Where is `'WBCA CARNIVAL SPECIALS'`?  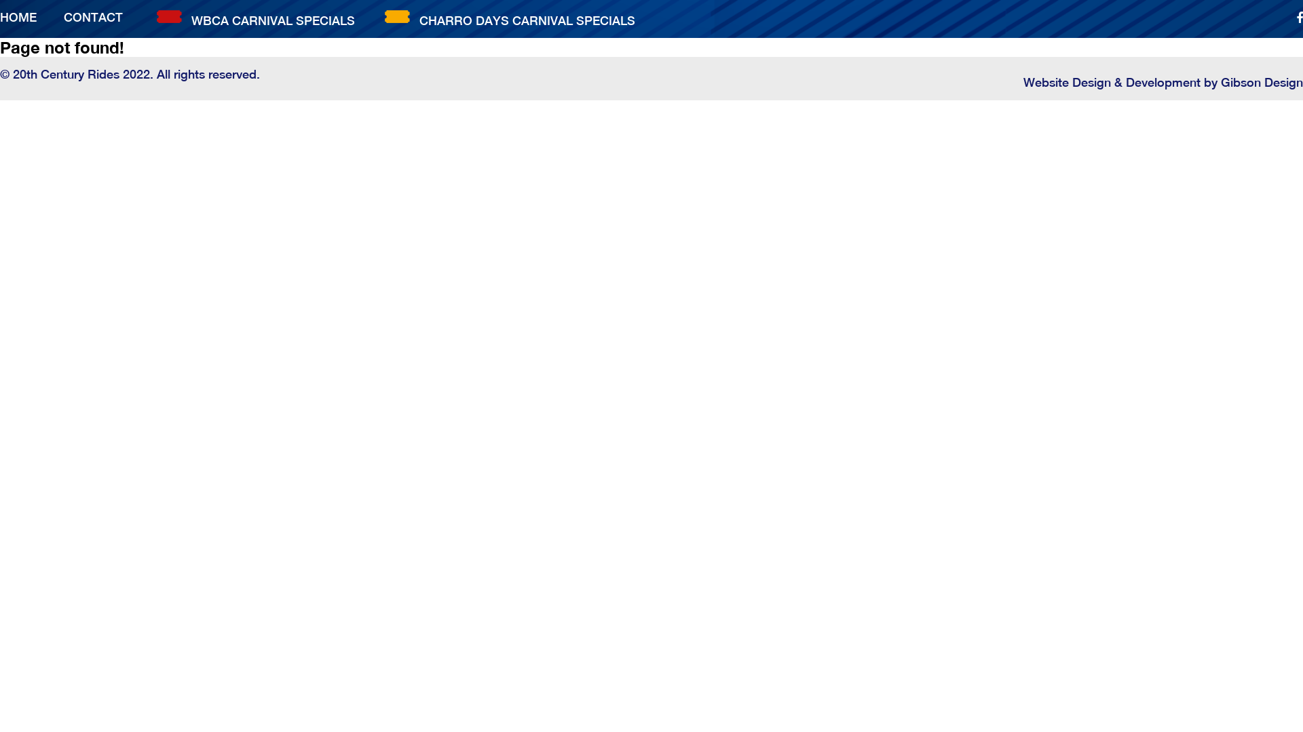
'WBCA CARNIVAL SPECIALS' is located at coordinates (272, 20).